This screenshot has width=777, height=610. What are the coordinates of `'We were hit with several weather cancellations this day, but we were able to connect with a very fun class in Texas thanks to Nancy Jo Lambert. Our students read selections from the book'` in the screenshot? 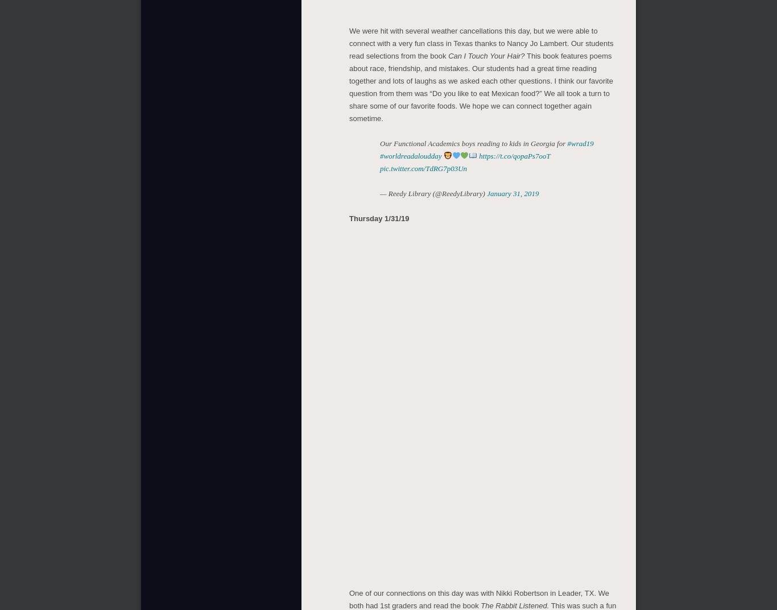 It's located at (480, 41).